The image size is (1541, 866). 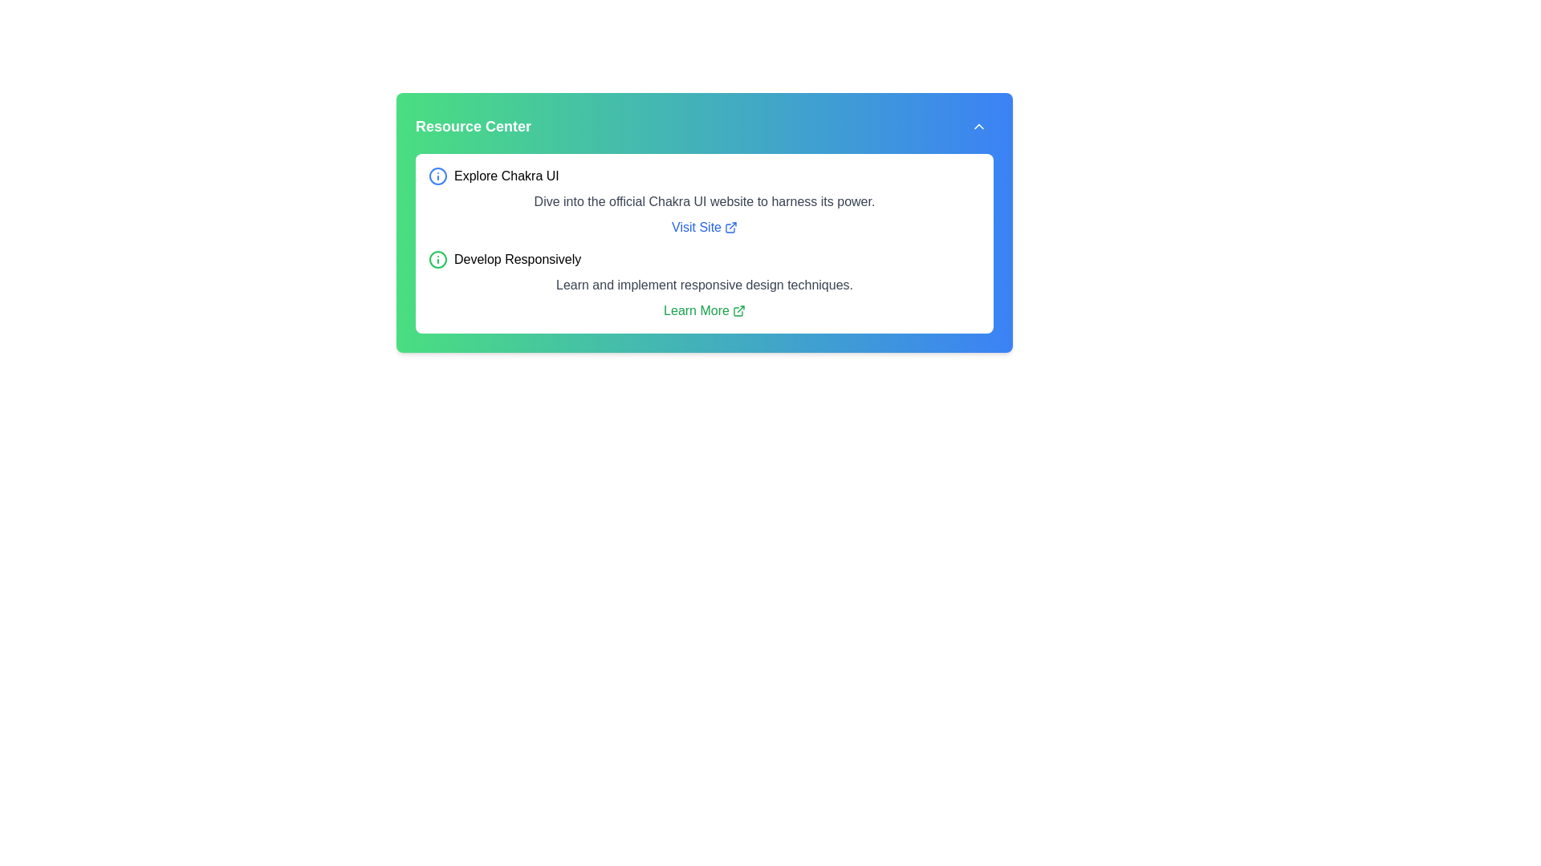 What do you see at coordinates (978, 126) in the screenshot?
I see `the chevron icon within the rounded square button at the top-right corner of the 'Resource Center' dialog box` at bounding box center [978, 126].